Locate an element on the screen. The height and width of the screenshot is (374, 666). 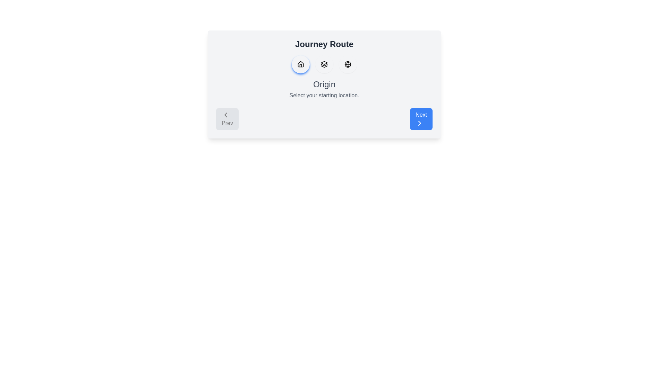
the layered stack icon, which is the second icon in a horizontal row of three icons, positioned centrally between the house icon and the globe icon is located at coordinates (324, 64).